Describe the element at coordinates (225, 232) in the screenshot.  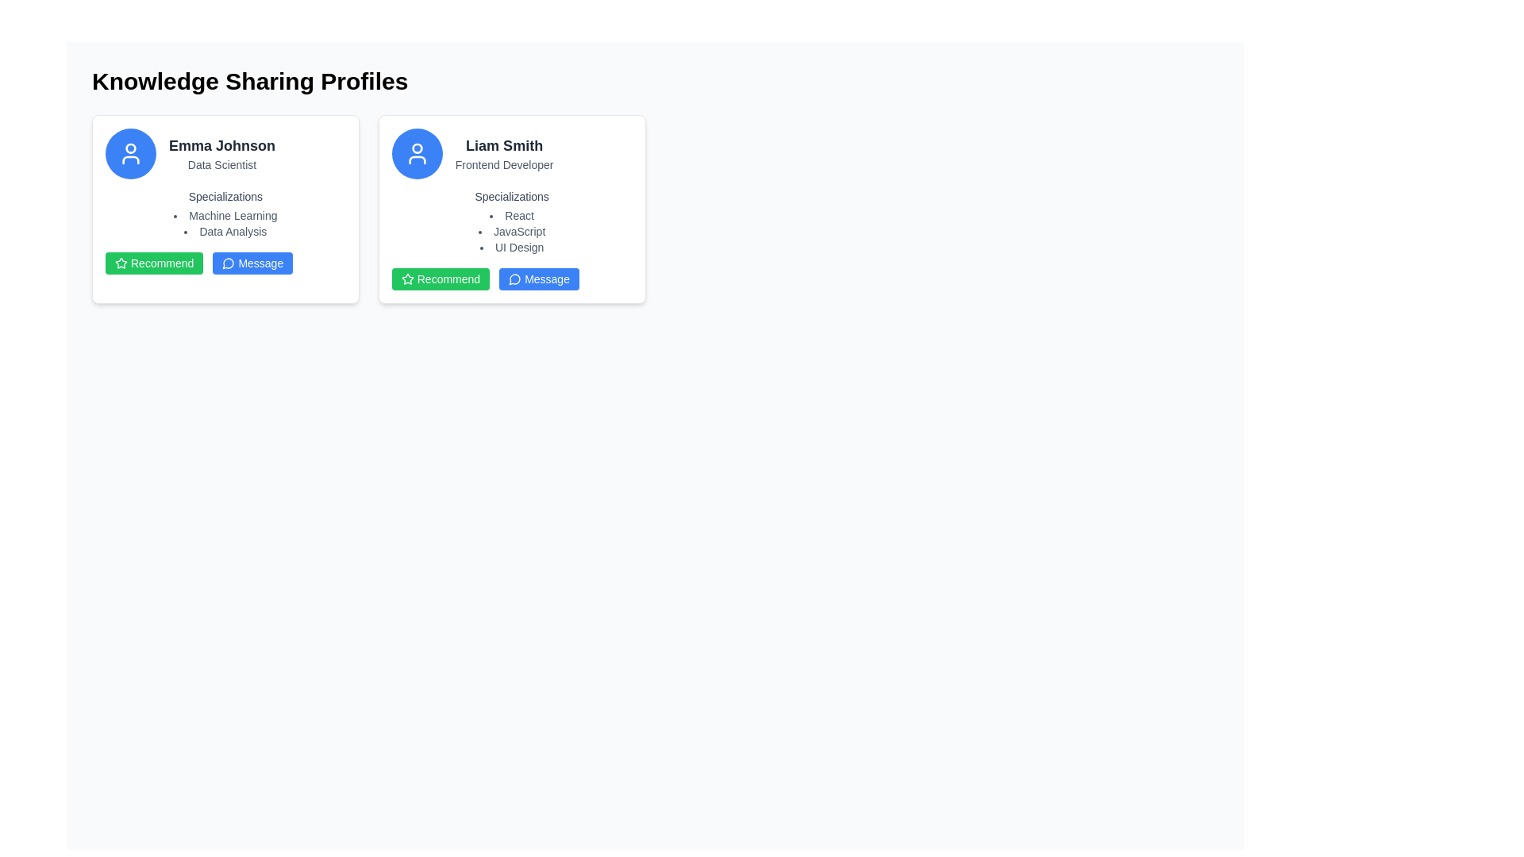
I see `the text label indicating one of Emma Johnson's specializations in the bulleted list under the 'Knowledge Sharing Profiles' header` at that location.